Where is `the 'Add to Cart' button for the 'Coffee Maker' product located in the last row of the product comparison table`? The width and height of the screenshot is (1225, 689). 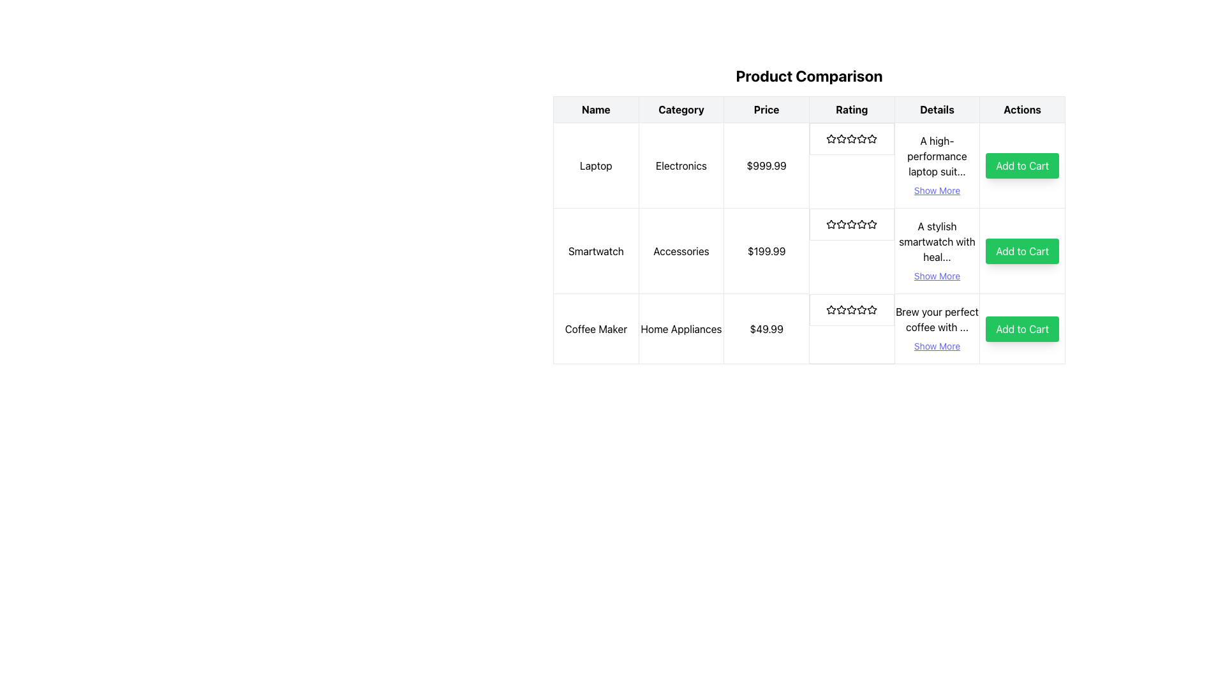 the 'Add to Cart' button for the 'Coffee Maker' product located in the last row of the product comparison table is located at coordinates (1022, 328).